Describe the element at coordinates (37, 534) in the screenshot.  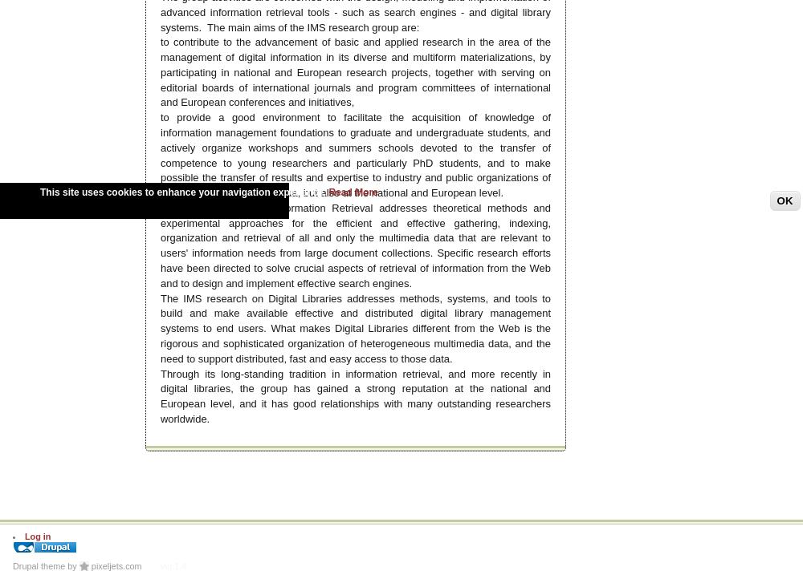
I see `'Log in'` at that location.